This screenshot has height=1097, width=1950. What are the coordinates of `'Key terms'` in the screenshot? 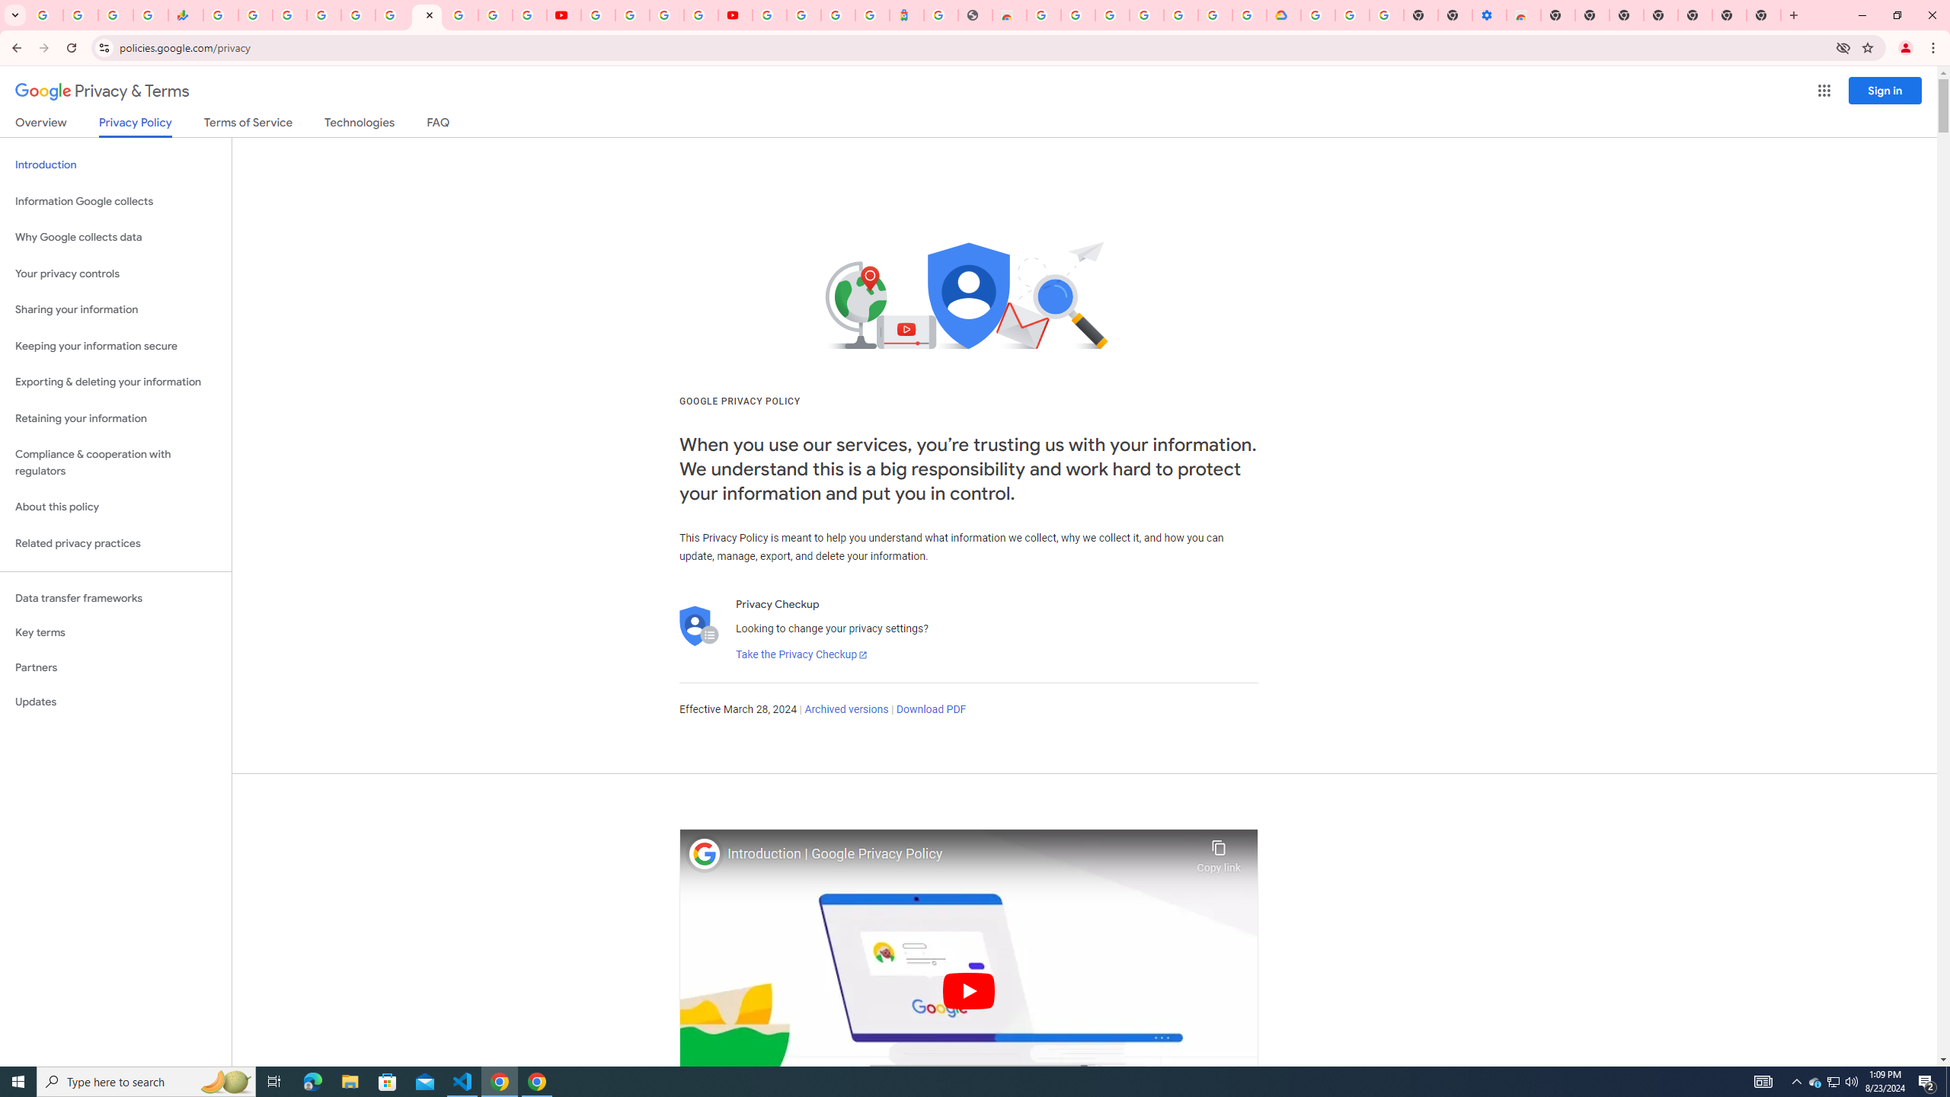 It's located at (115, 632).